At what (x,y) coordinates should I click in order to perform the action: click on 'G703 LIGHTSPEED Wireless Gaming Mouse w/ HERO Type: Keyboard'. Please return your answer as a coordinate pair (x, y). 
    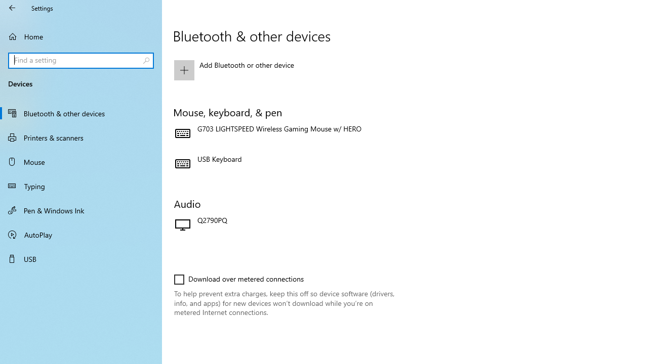
    Looking at the image, I should click on (285, 133).